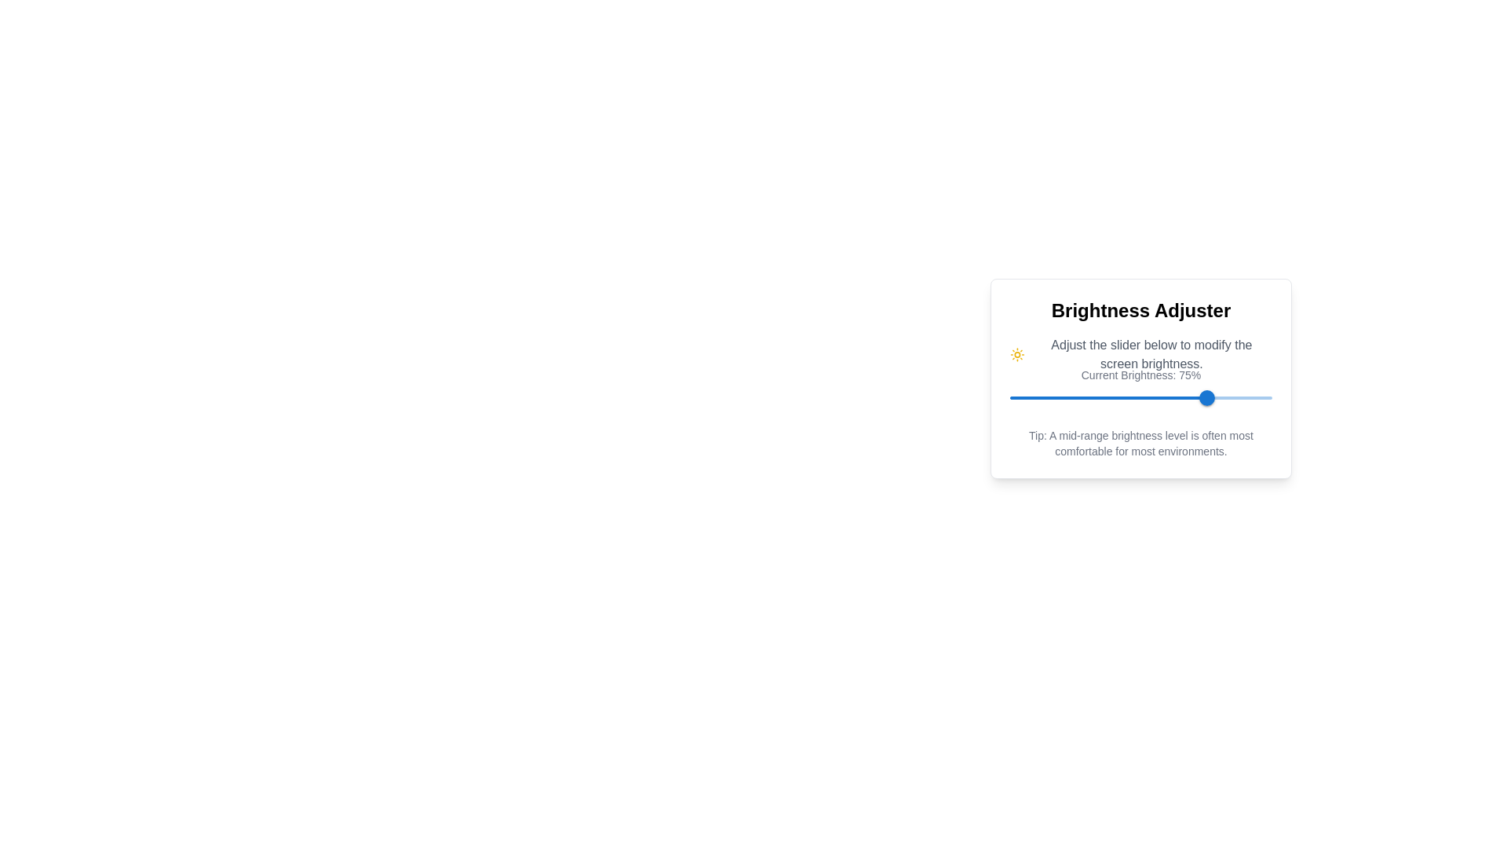 The image size is (1507, 848). Describe the element at coordinates (1031, 397) in the screenshot. I see `the brightness` at that location.